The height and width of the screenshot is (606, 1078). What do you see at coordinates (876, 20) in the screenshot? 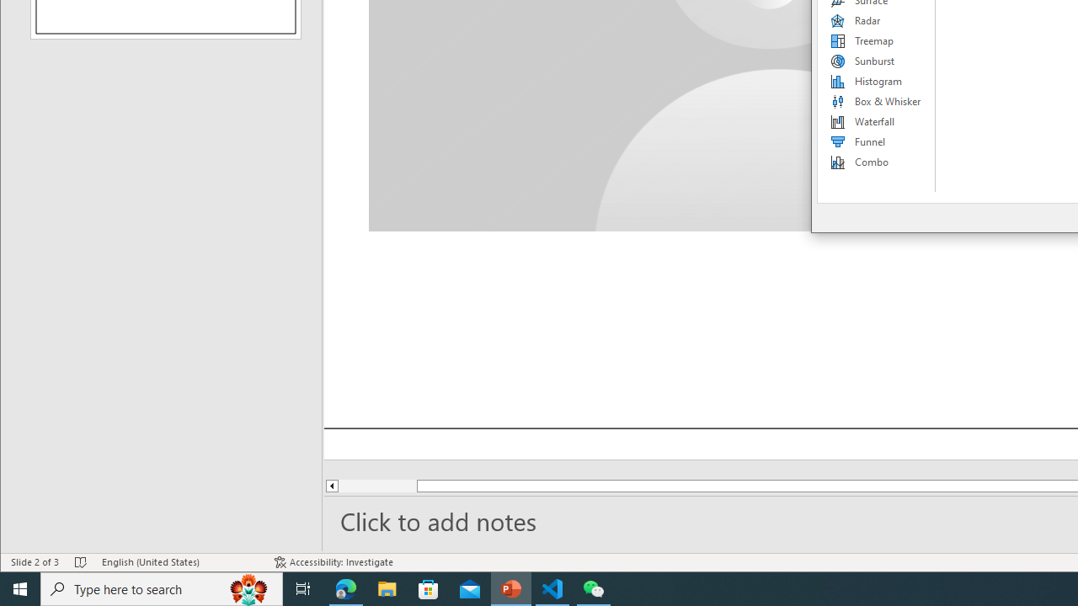
I see `'Radar'` at bounding box center [876, 20].